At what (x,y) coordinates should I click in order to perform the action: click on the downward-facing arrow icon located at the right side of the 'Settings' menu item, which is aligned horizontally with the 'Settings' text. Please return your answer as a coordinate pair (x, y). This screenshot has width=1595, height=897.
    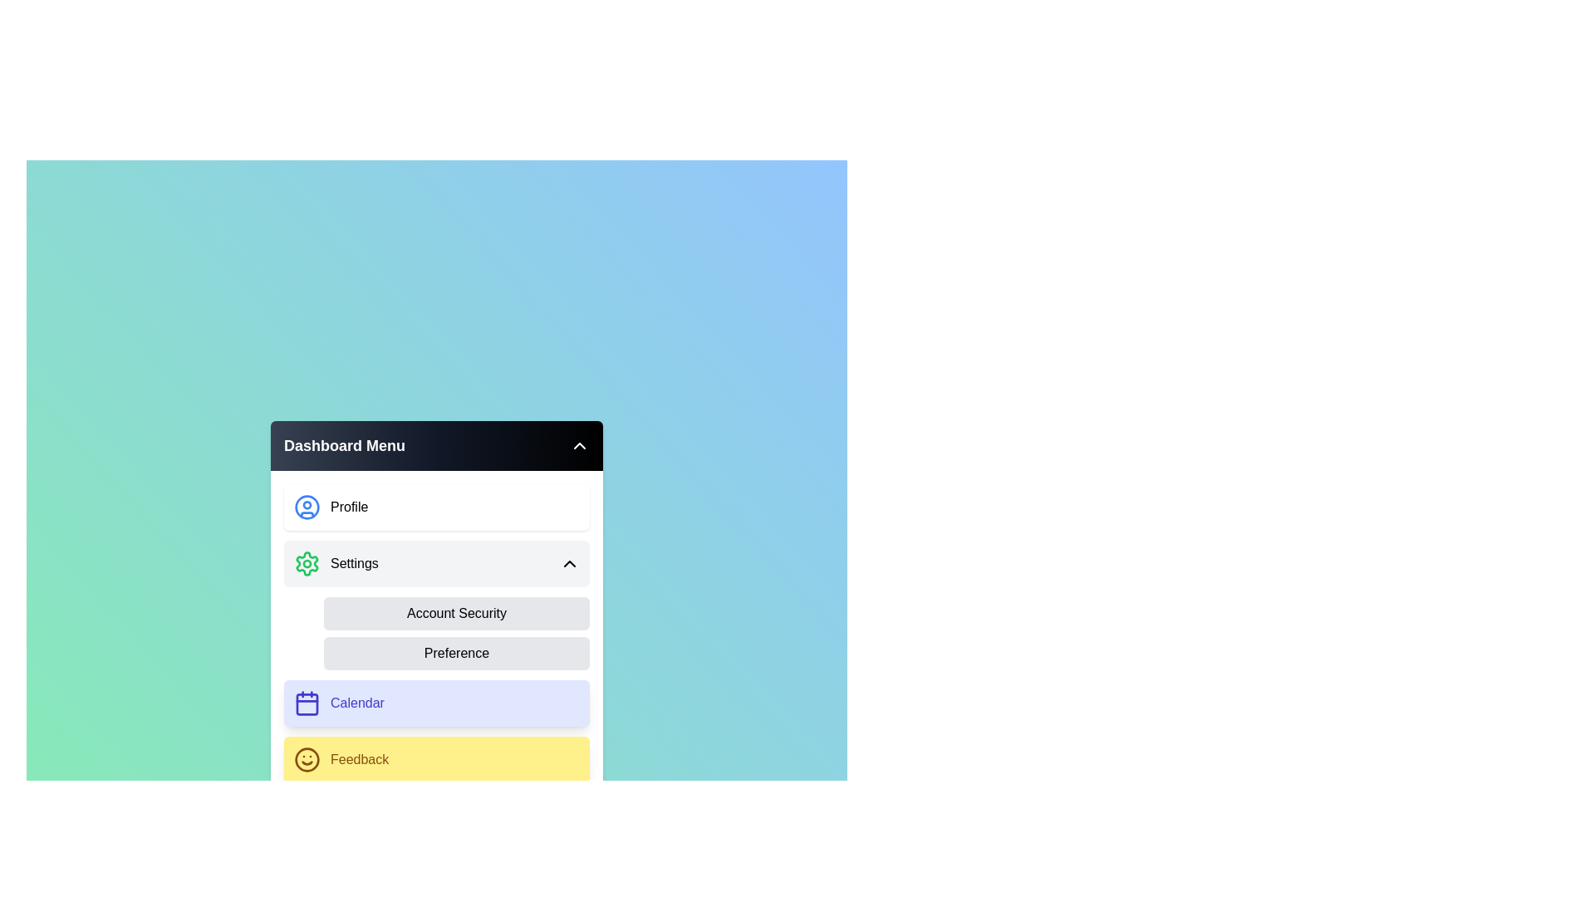
    Looking at the image, I should click on (570, 562).